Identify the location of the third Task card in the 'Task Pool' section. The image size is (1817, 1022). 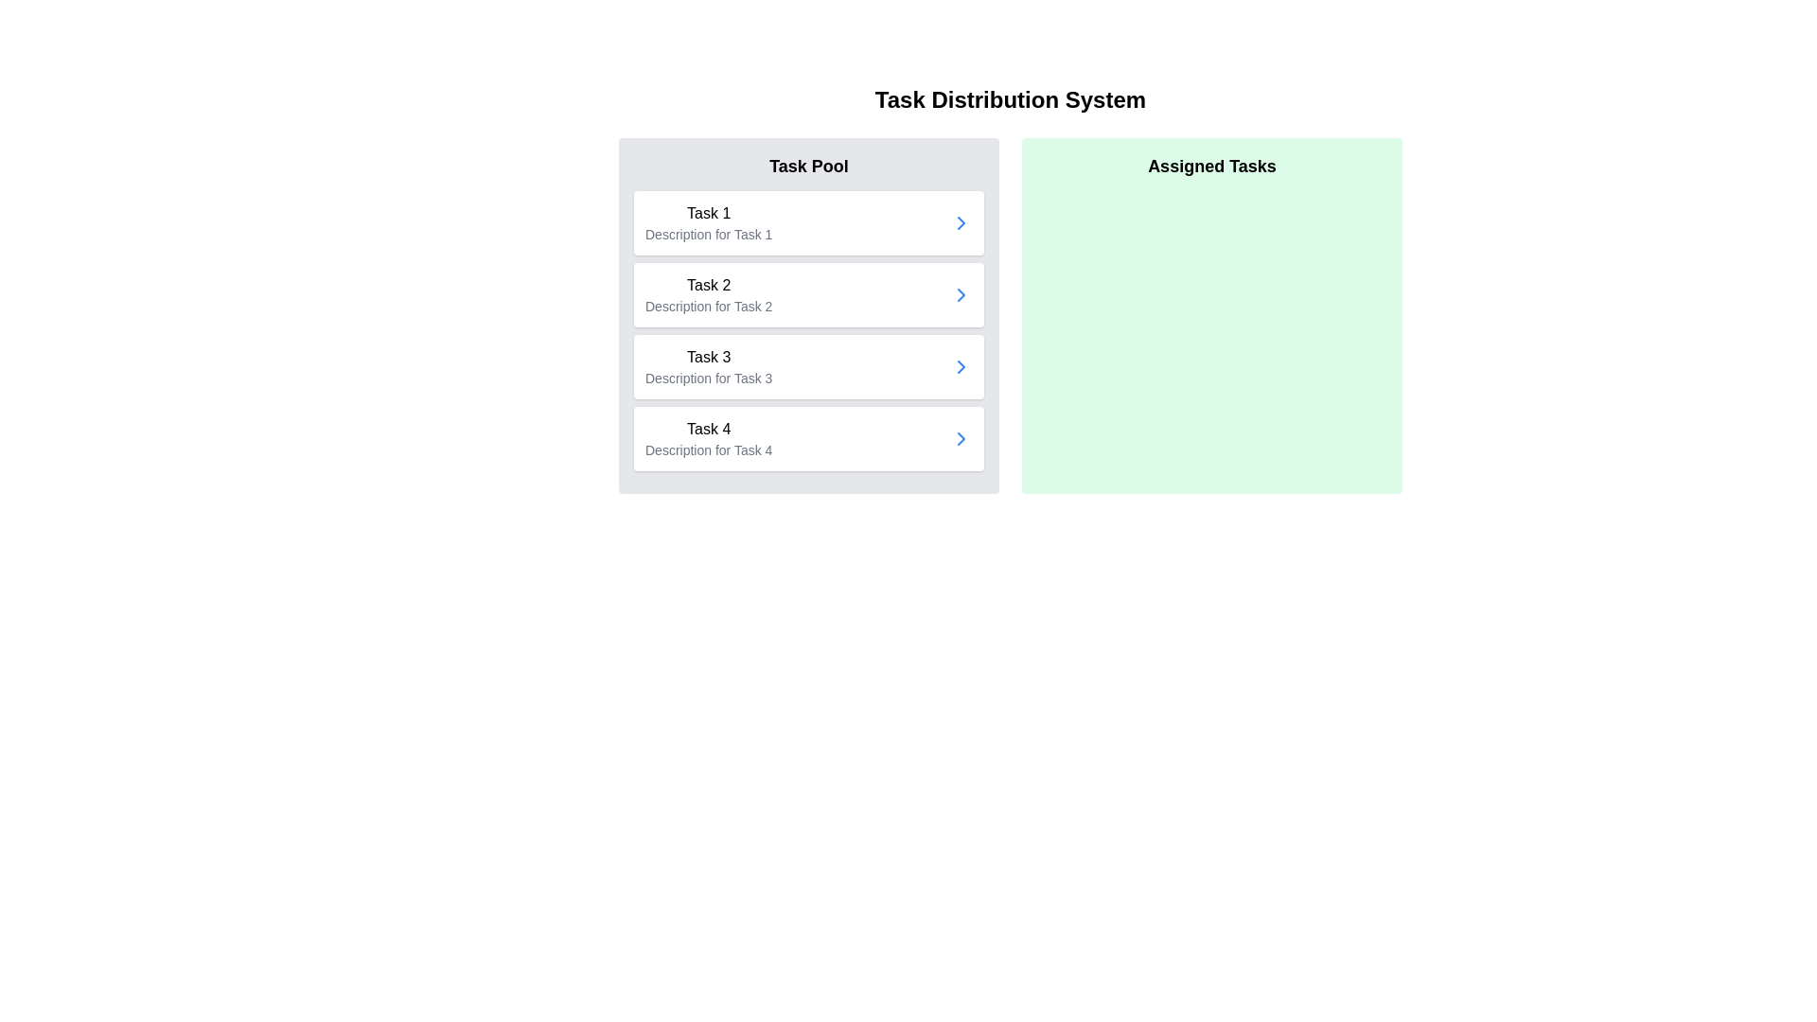
(708, 367).